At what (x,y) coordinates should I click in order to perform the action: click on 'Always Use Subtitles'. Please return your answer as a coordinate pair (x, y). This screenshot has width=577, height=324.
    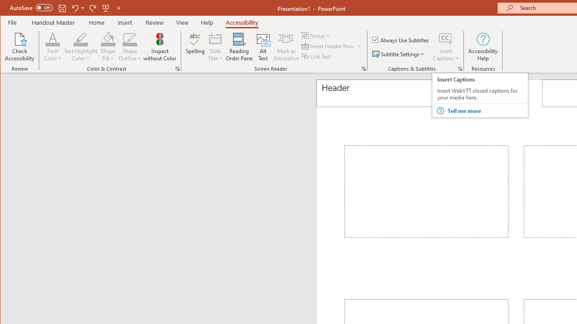
    Looking at the image, I should click on (401, 39).